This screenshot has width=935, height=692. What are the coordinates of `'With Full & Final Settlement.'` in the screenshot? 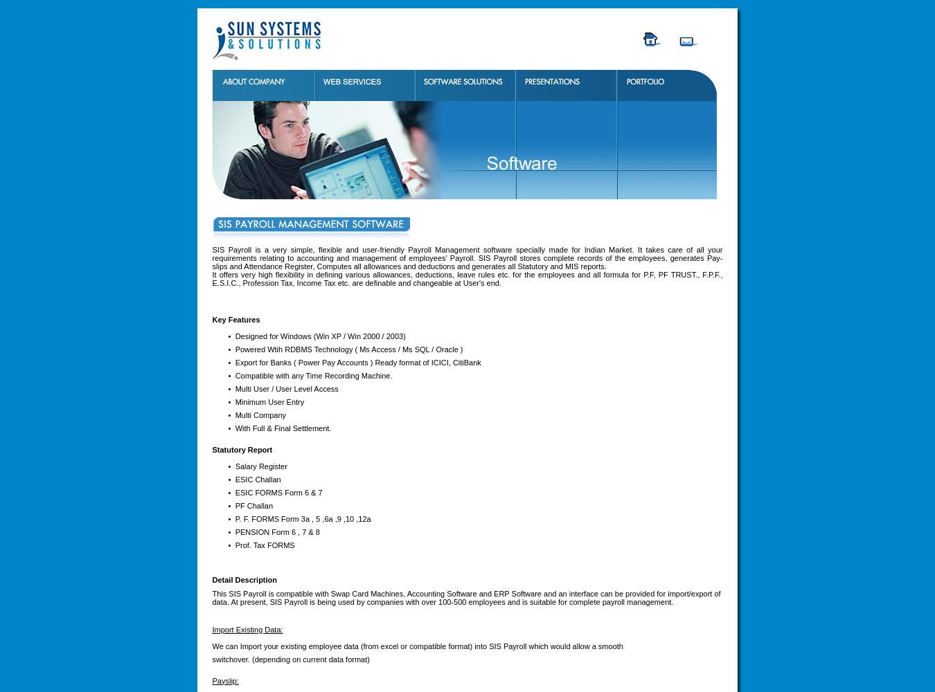 It's located at (283, 427).